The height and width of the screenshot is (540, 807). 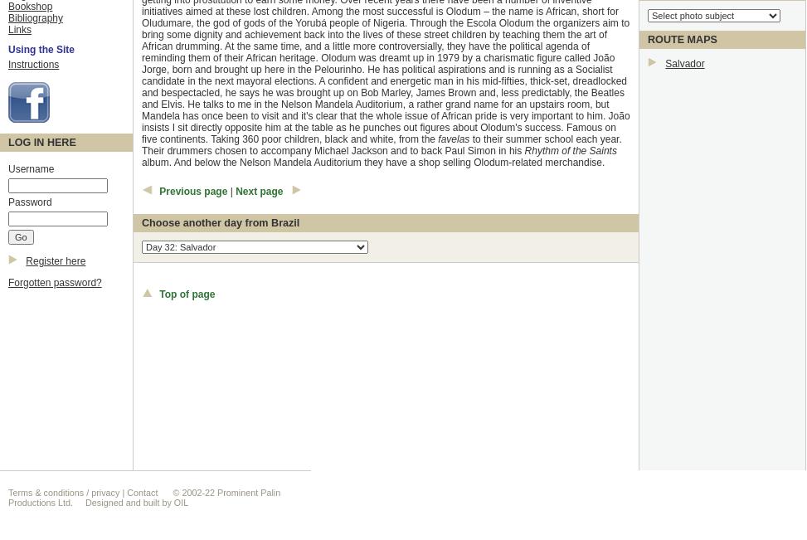 What do you see at coordinates (236, 190) in the screenshot?
I see `'Next page'` at bounding box center [236, 190].